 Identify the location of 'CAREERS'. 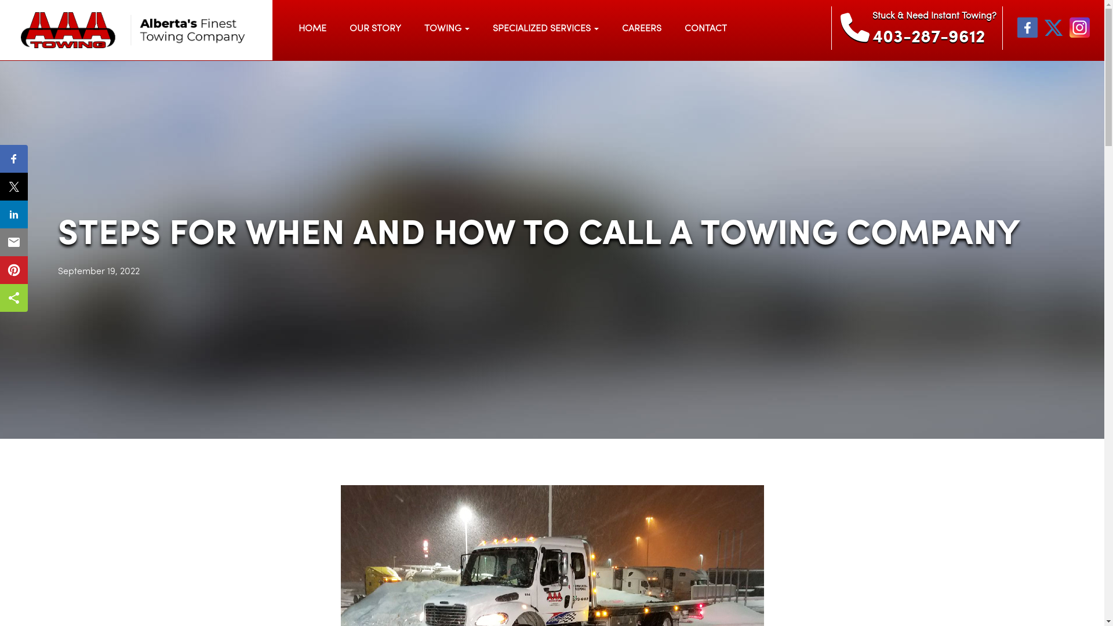
(641, 28).